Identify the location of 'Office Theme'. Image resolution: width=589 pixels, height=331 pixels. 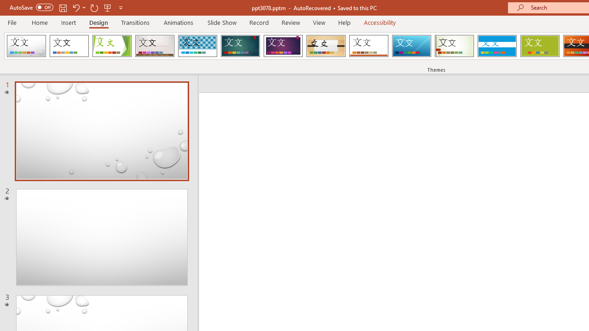
(69, 46).